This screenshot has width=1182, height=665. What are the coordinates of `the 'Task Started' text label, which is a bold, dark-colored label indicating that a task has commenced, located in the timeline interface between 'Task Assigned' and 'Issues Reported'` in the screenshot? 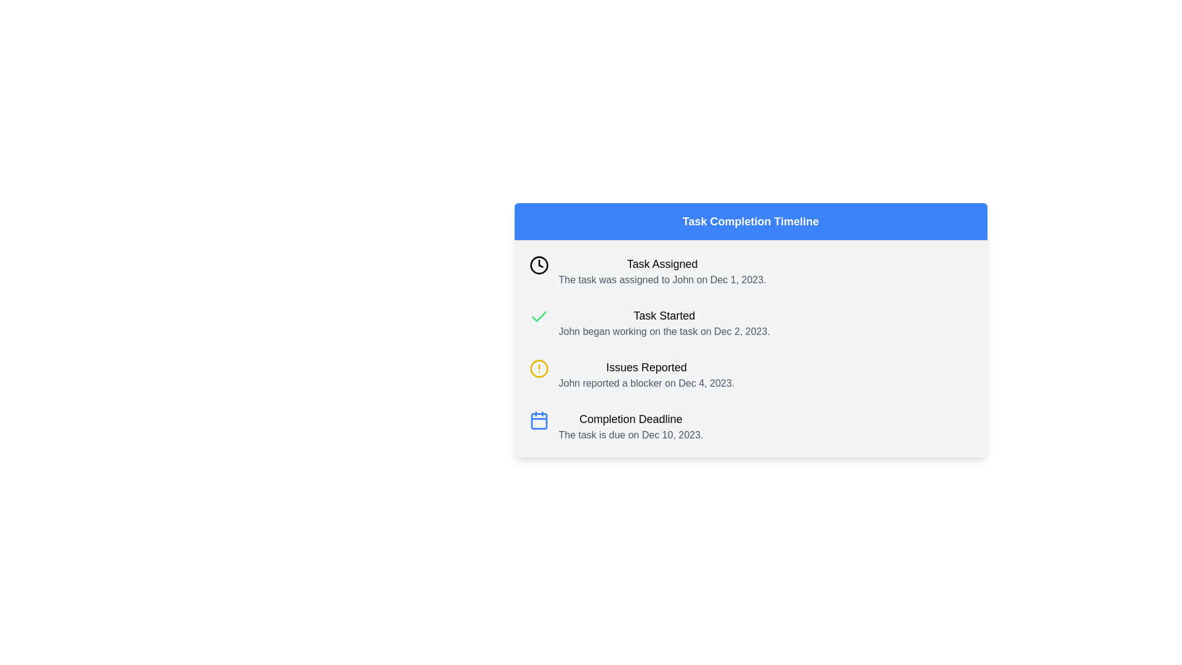 It's located at (664, 315).